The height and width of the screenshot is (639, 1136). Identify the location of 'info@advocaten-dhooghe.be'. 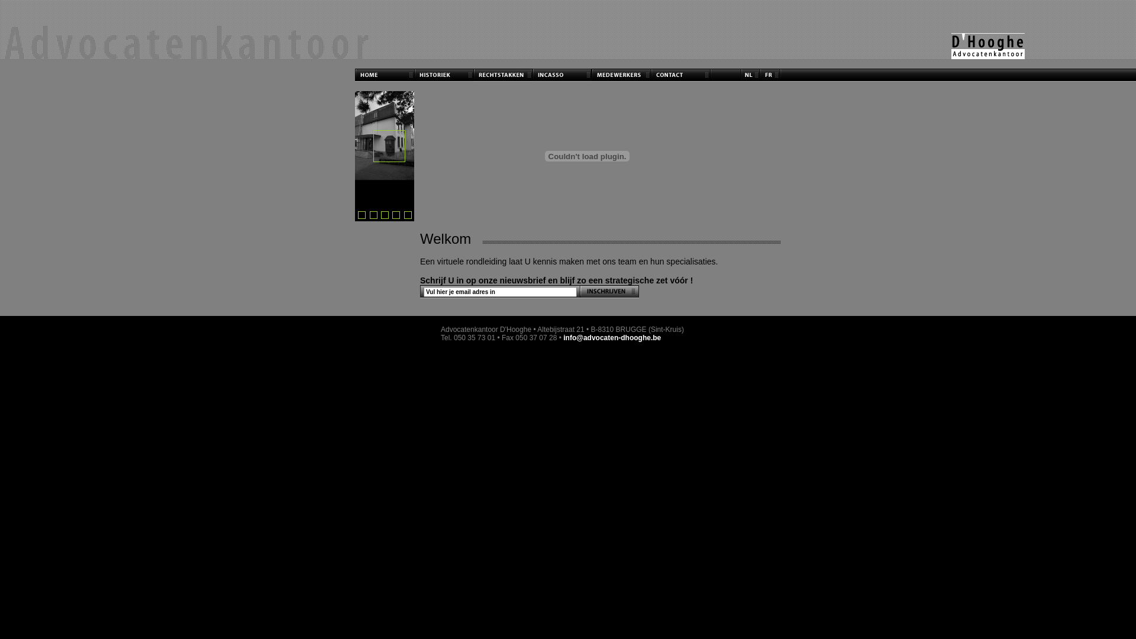
(562, 337).